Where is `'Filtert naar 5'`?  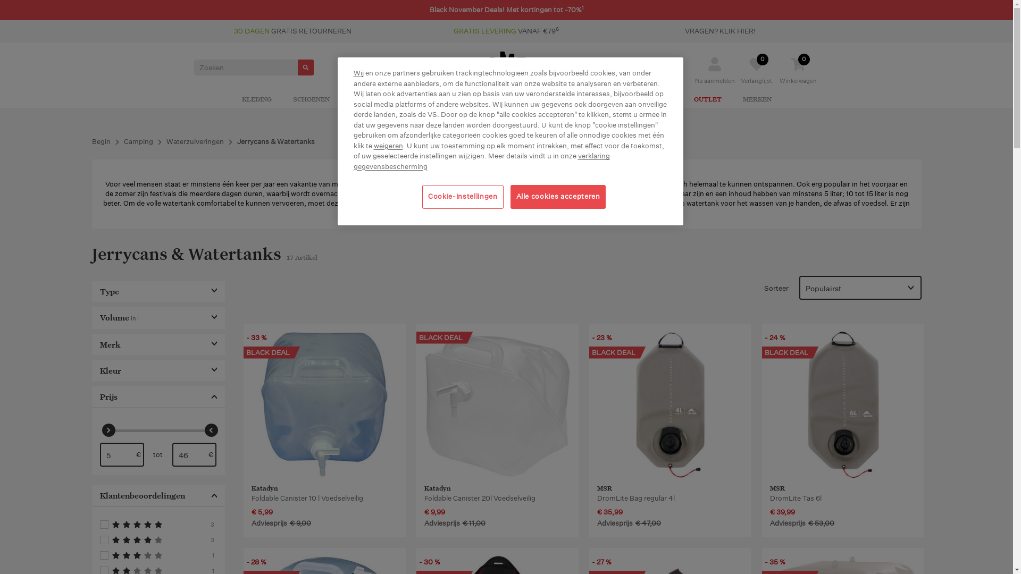
'Filtert naar 5' is located at coordinates (99, 524).